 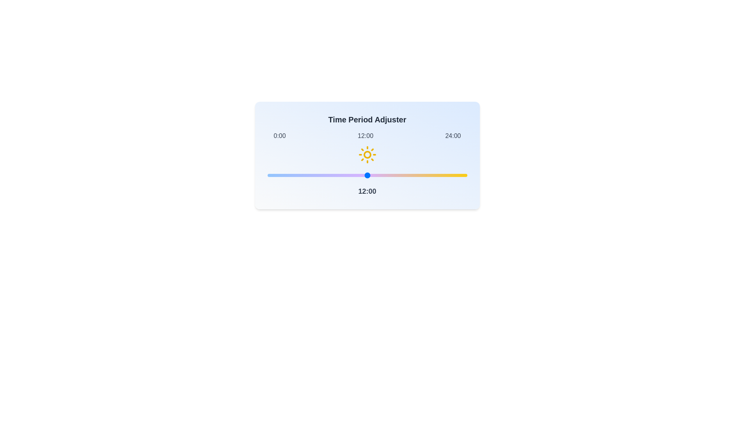 I want to click on the time slider to set the time to 5 hours, so click(x=309, y=175).